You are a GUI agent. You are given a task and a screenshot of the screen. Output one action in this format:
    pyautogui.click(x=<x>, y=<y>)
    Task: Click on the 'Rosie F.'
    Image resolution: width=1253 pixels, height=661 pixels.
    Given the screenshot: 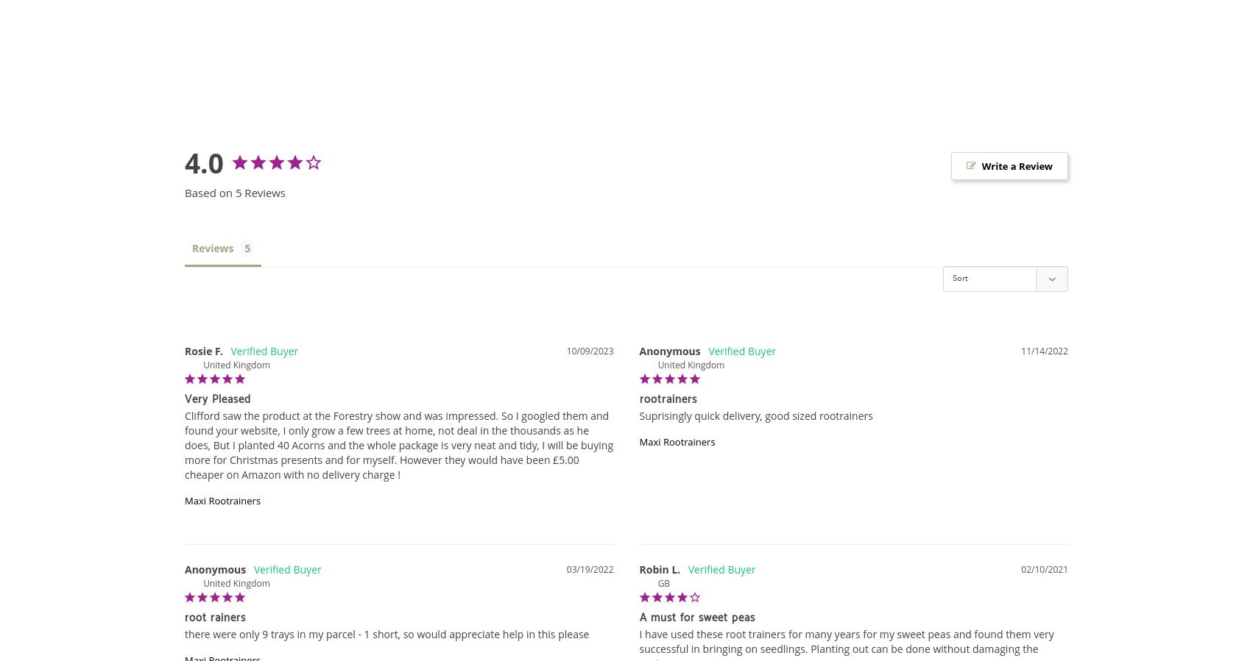 What is the action you would take?
    pyautogui.click(x=184, y=350)
    